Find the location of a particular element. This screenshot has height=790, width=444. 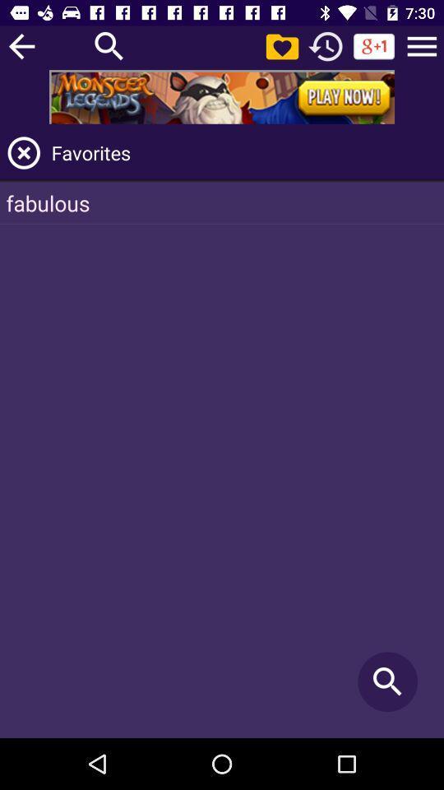

the favorite icon is located at coordinates (281, 45).